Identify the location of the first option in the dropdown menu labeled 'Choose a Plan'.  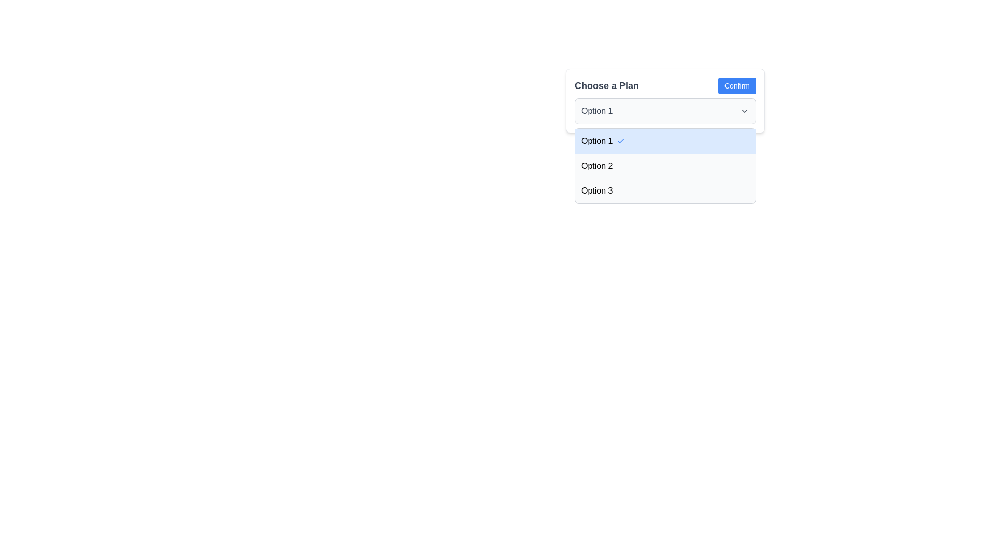
(665, 141).